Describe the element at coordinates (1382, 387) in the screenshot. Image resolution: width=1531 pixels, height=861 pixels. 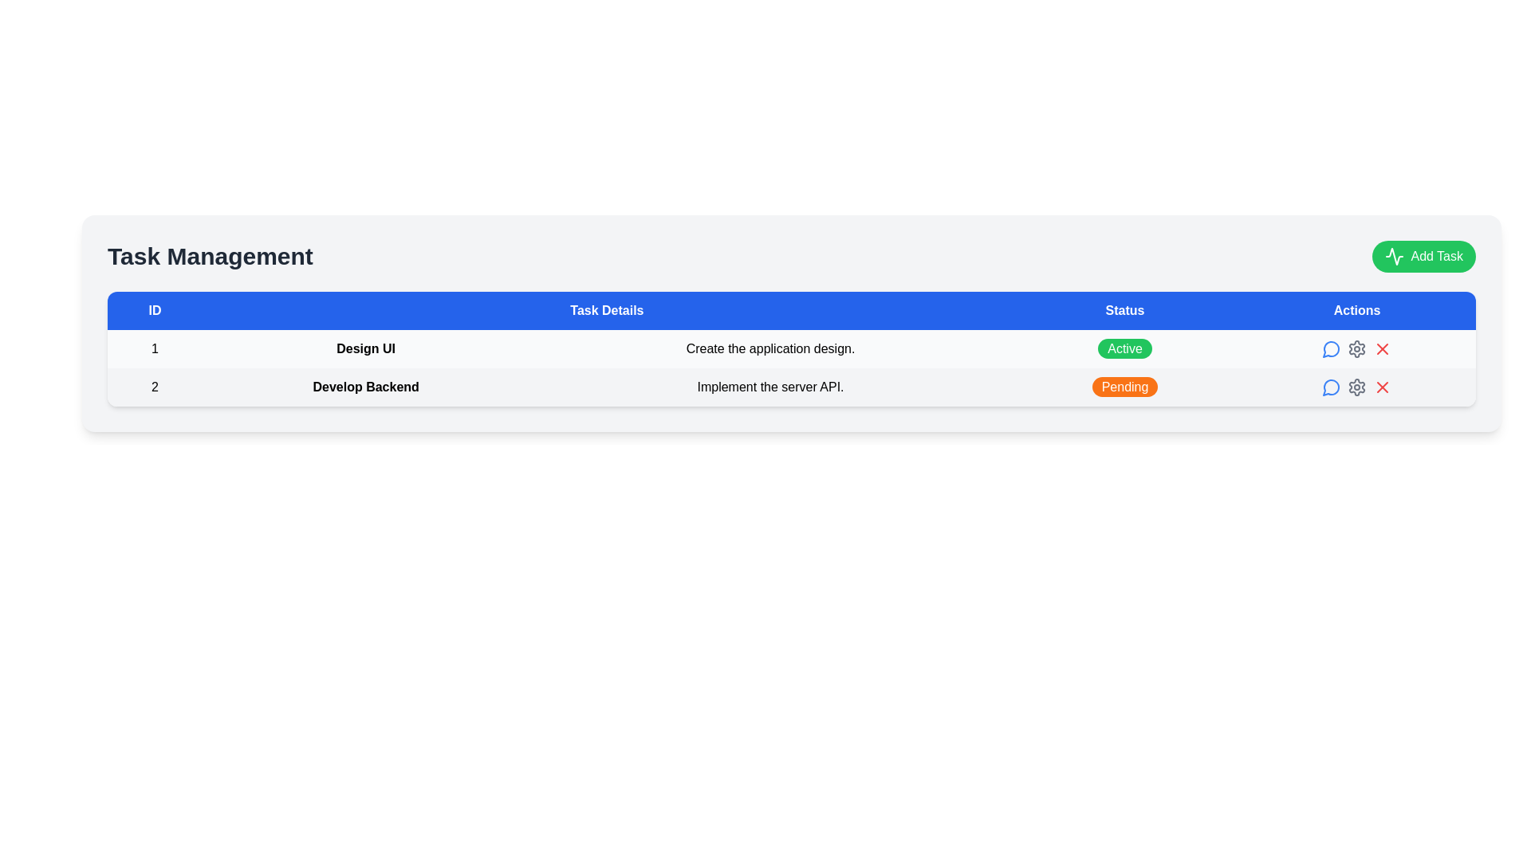
I see `the red 'X' icon in the 'Actions' column of the second row of the task table` at that location.